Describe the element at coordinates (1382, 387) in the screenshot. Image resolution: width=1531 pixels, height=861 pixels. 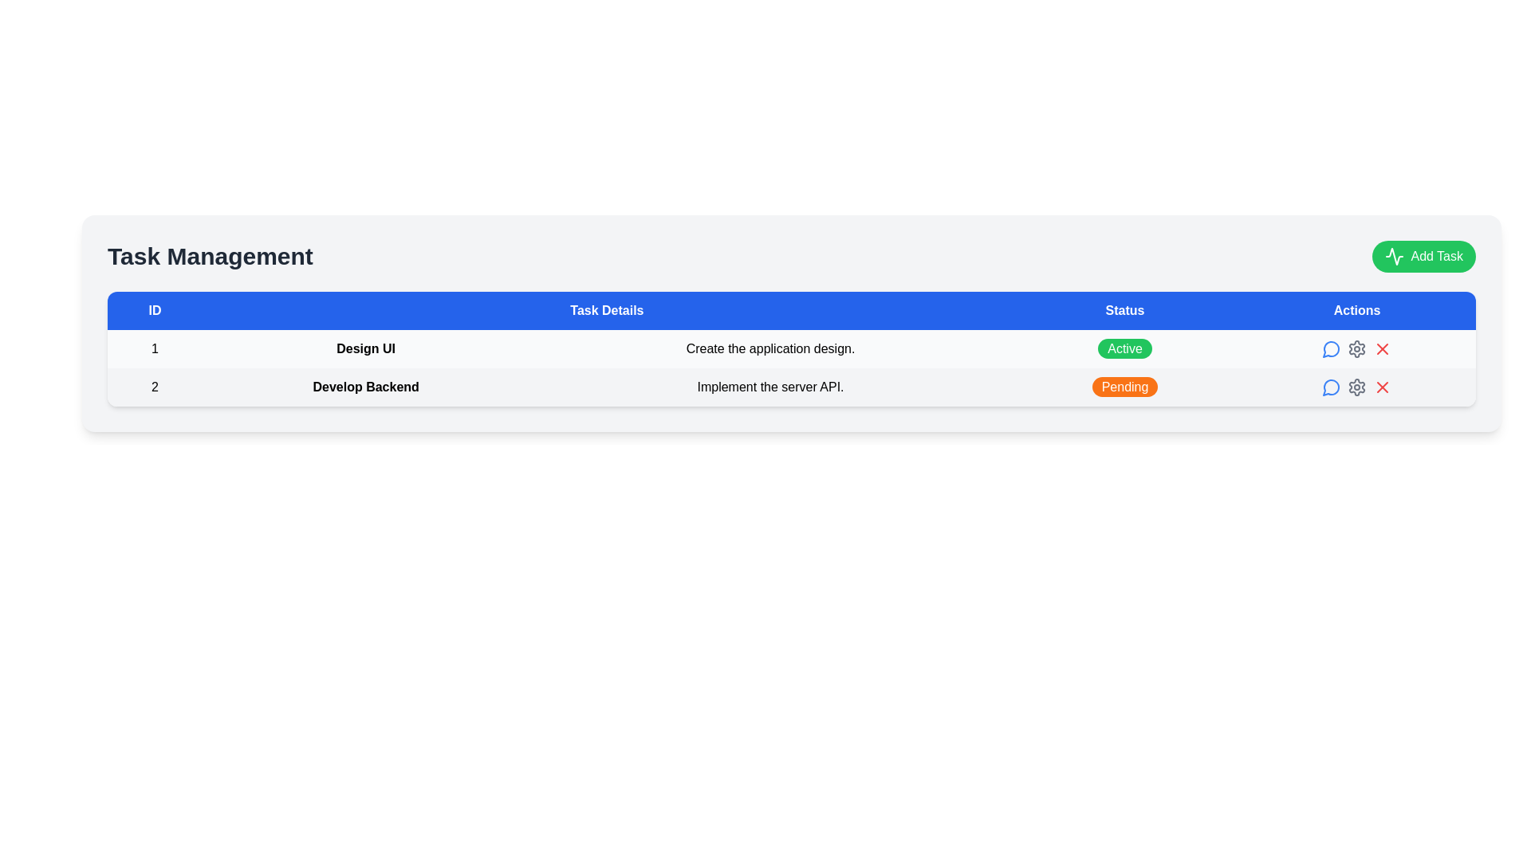
I see `the red 'X' icon in the 'Actions' column of the second row of the task table` at that location.